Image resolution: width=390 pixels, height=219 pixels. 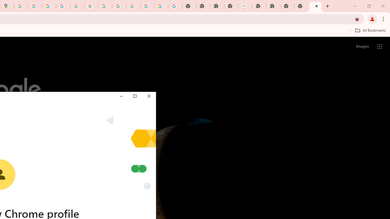 What do you see at coordinates (63, 6) in the screenshot?
I see `'Privacy Help Center - Policies Help'` at bounding box center [63, 6].